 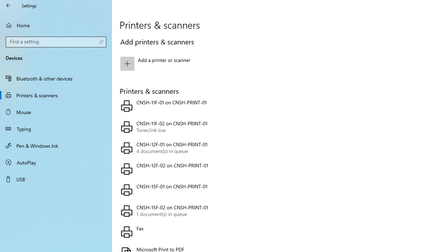 What do you see at coordinates (56, 42) in the screenshot?
I see `'Search box, Find a setting'` at bounding box center [56, 42].